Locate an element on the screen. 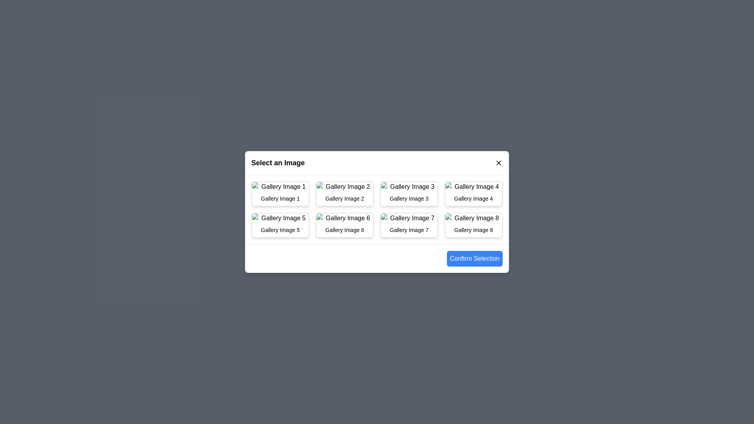 The height and width of the screenshot is (424, 754). the close button in the header to close the dialog is located at coordinates (498, 163).